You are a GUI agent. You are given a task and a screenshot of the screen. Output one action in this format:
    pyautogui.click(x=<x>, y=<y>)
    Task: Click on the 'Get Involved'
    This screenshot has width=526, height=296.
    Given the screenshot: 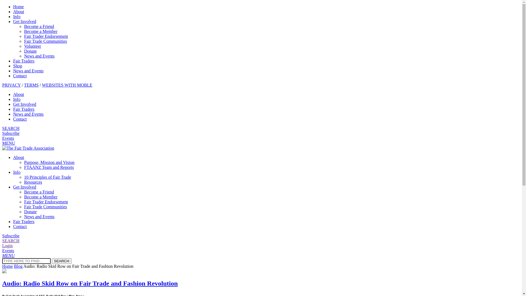 What is the action you would take?
    pyautogui.click(x=24, y=21)
    